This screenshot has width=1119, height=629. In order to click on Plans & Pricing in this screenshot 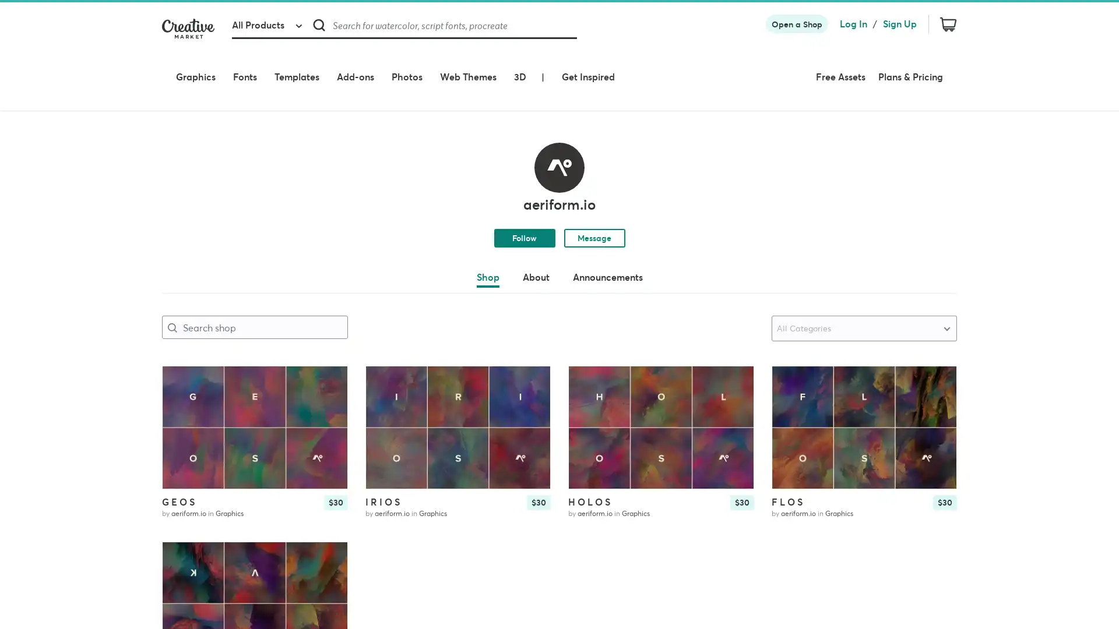, I will do `click(924, 60)`.